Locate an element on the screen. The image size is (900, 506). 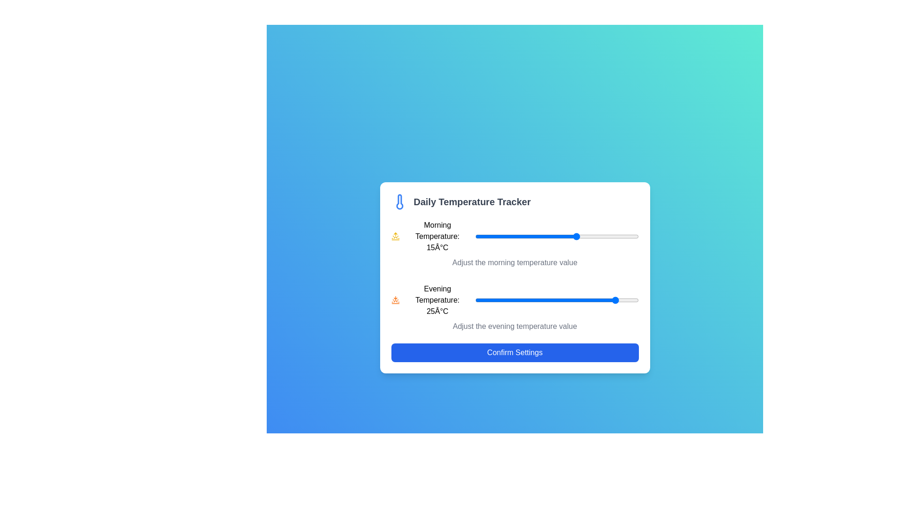
the evening temperature slider to -8°C is located at coordinates (483, 300).